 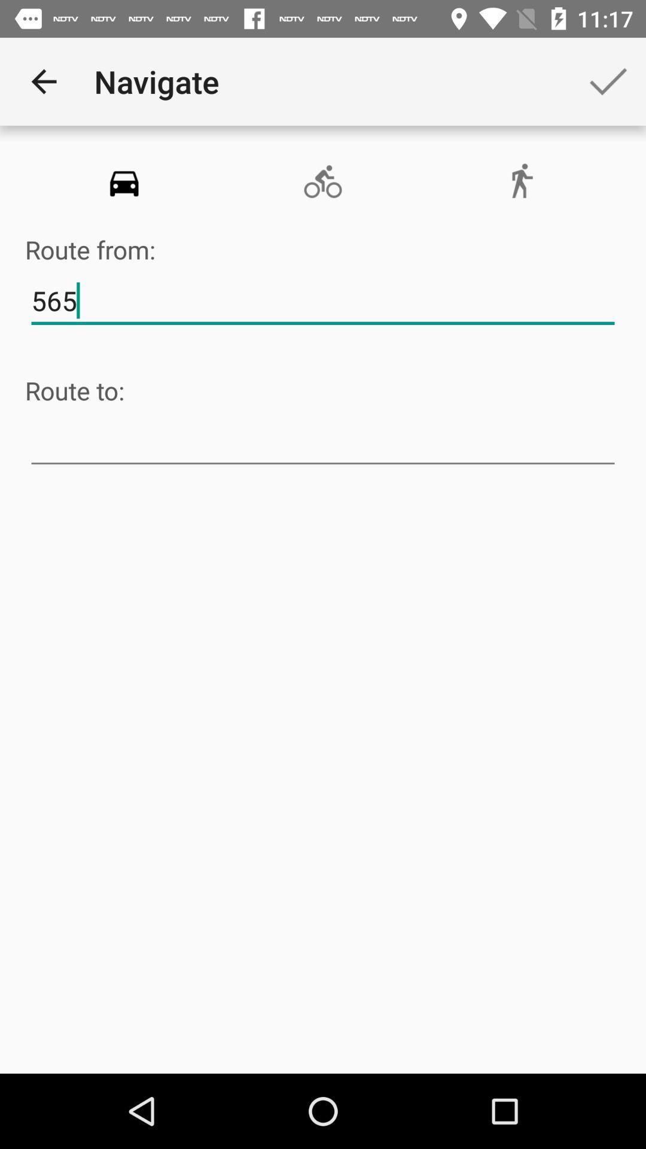 What do you see at coordinates (322, 181) in the screenshot?
I see `the avatar icon` at bounding box center [322, 181].